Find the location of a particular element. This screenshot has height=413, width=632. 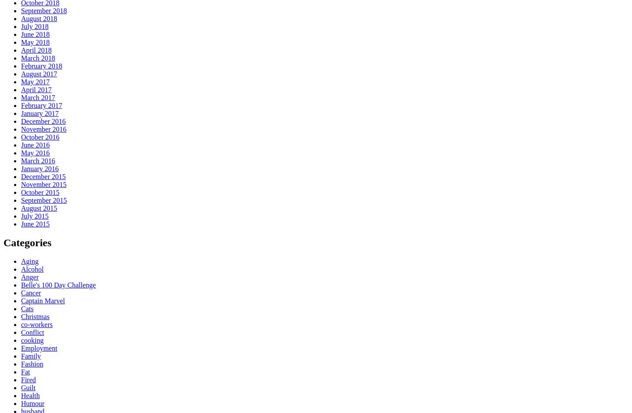

'Employment' is located at coordinates (39, 348).